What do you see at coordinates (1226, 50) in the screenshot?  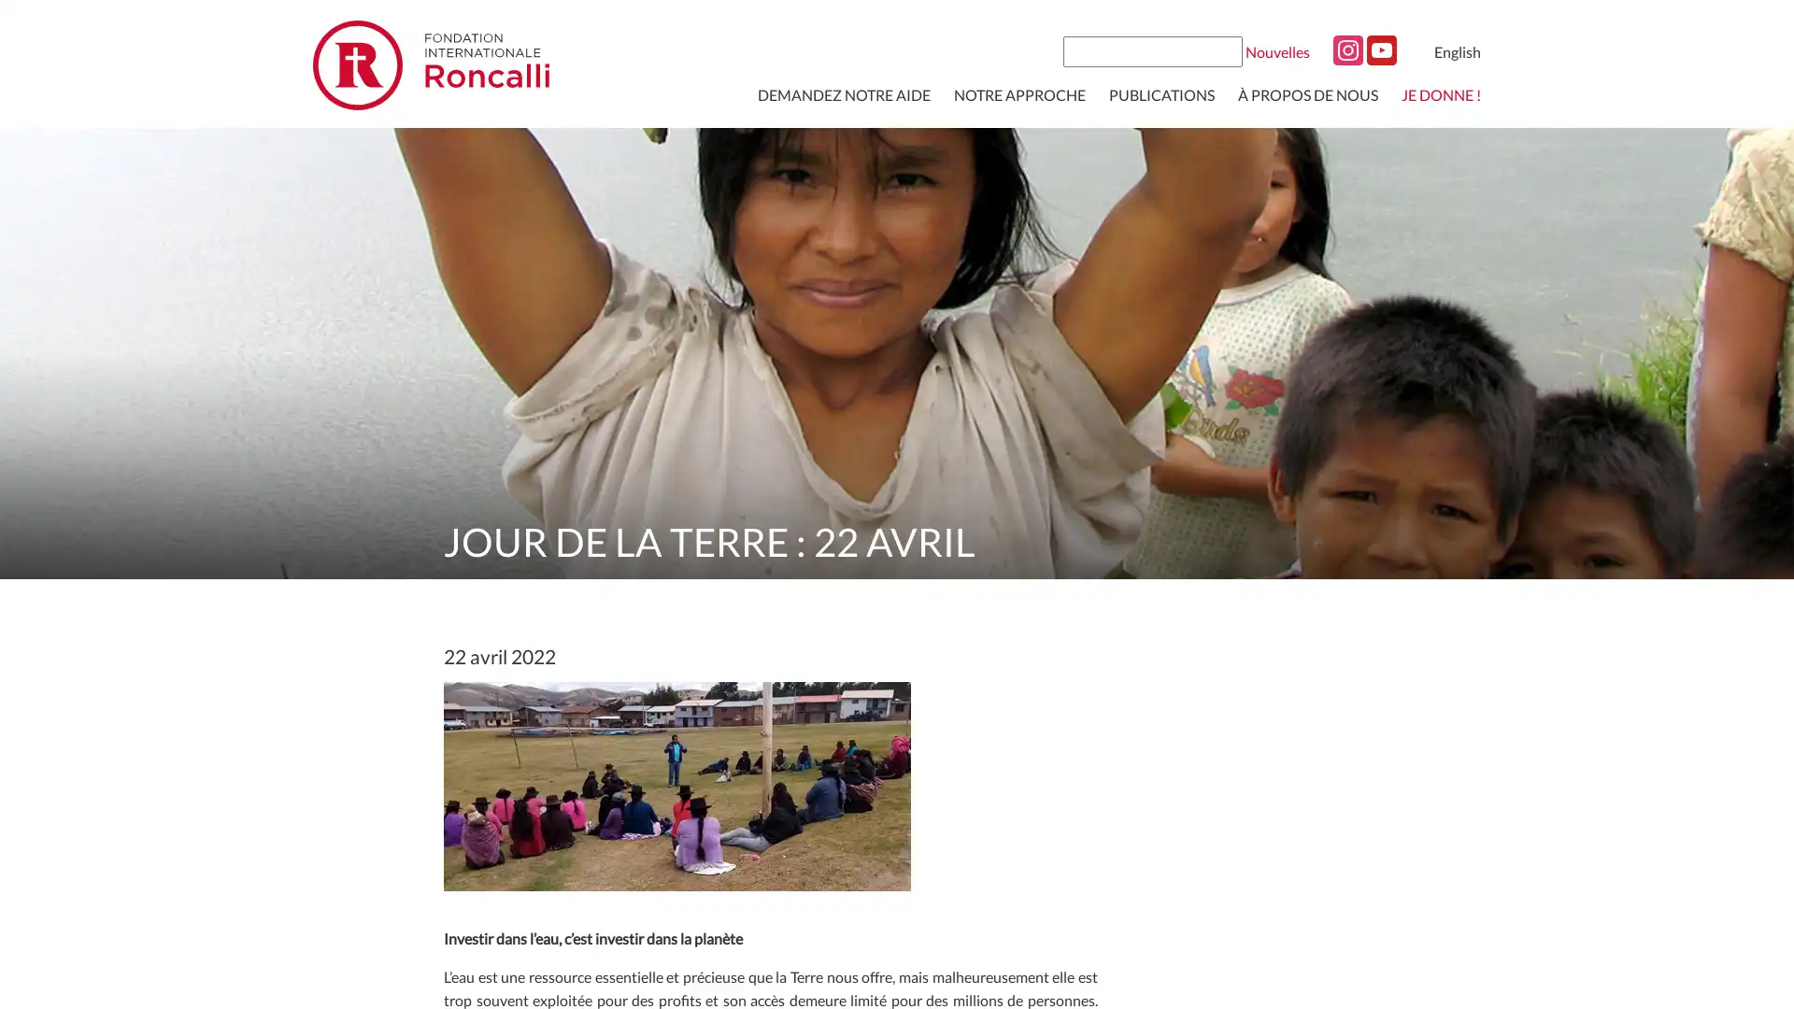 I see `Chercher` at bounding box center [1226, 50].